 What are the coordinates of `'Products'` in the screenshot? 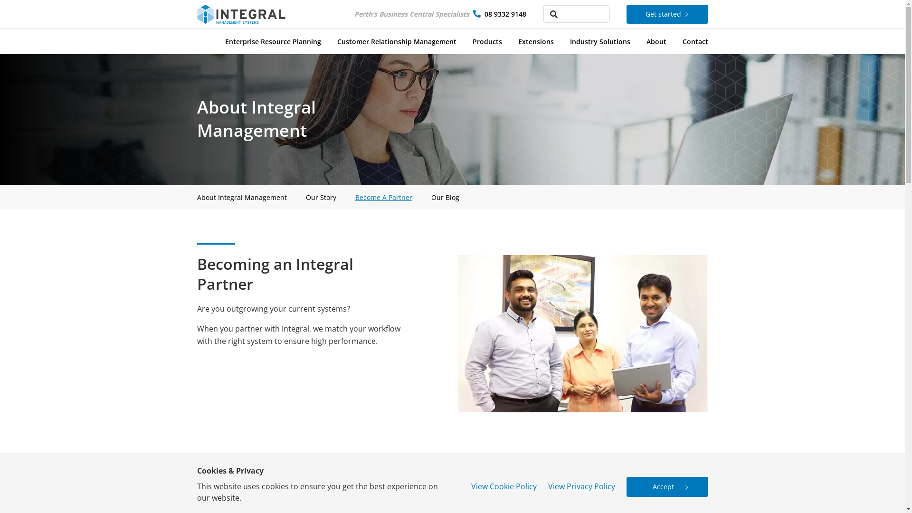 It's located at (487, 39).